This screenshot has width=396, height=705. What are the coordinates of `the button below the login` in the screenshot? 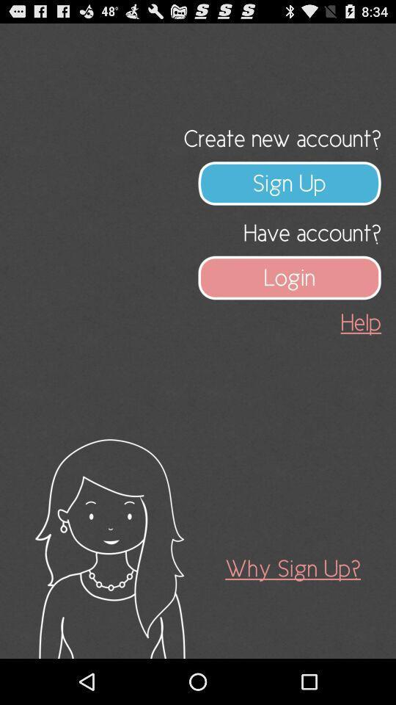 It's located at (360, 322).